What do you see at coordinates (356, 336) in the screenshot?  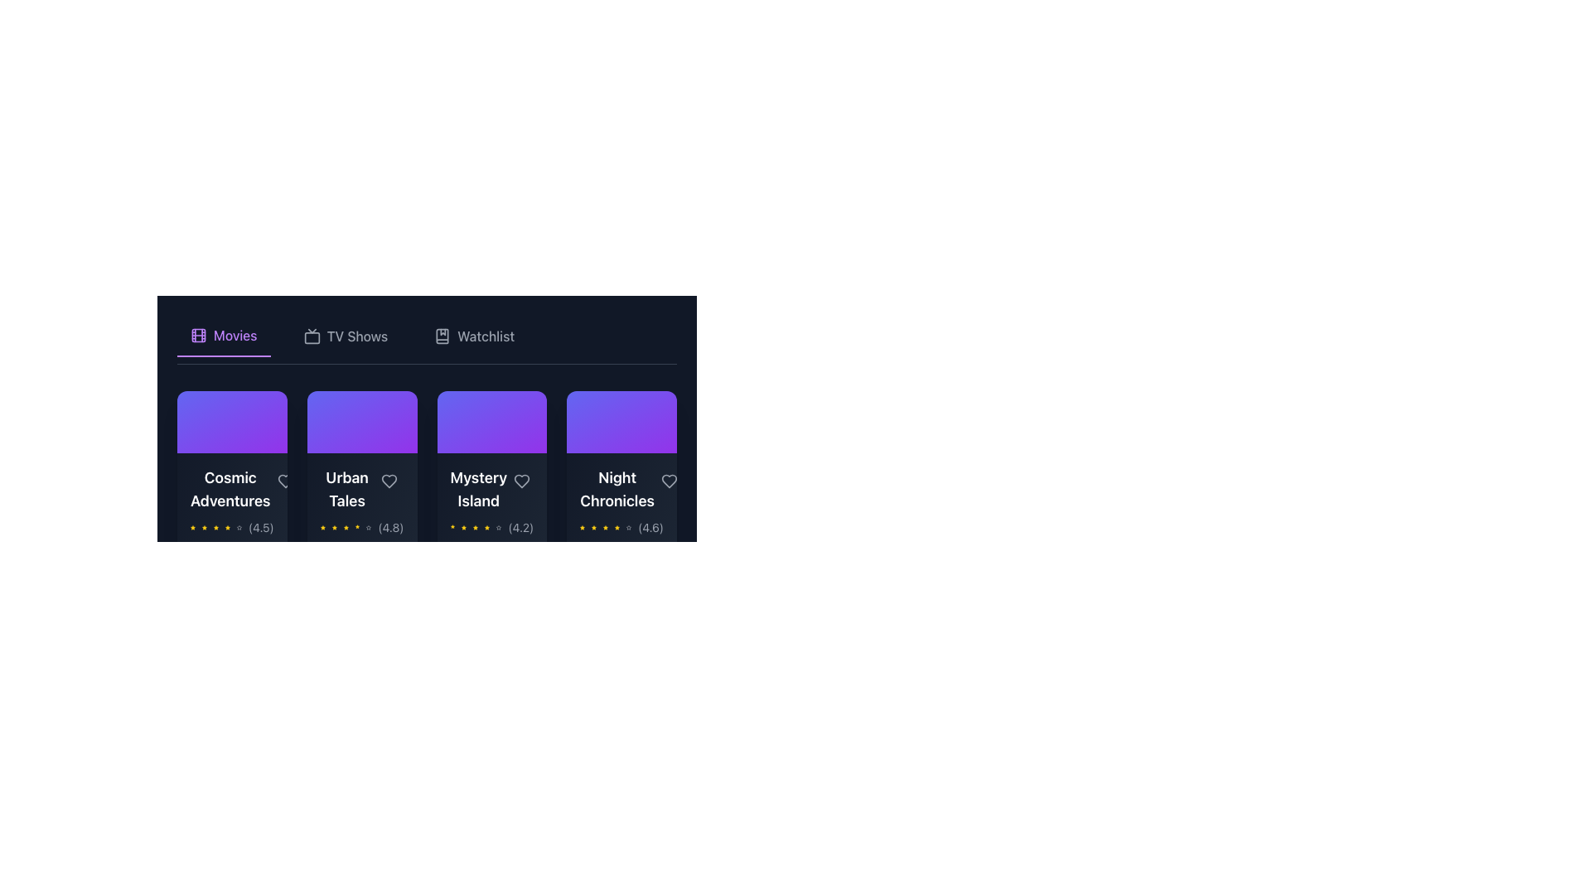 I see `the 'TV Shows' text label in the navigation bar` at bounding box center [356, 336].